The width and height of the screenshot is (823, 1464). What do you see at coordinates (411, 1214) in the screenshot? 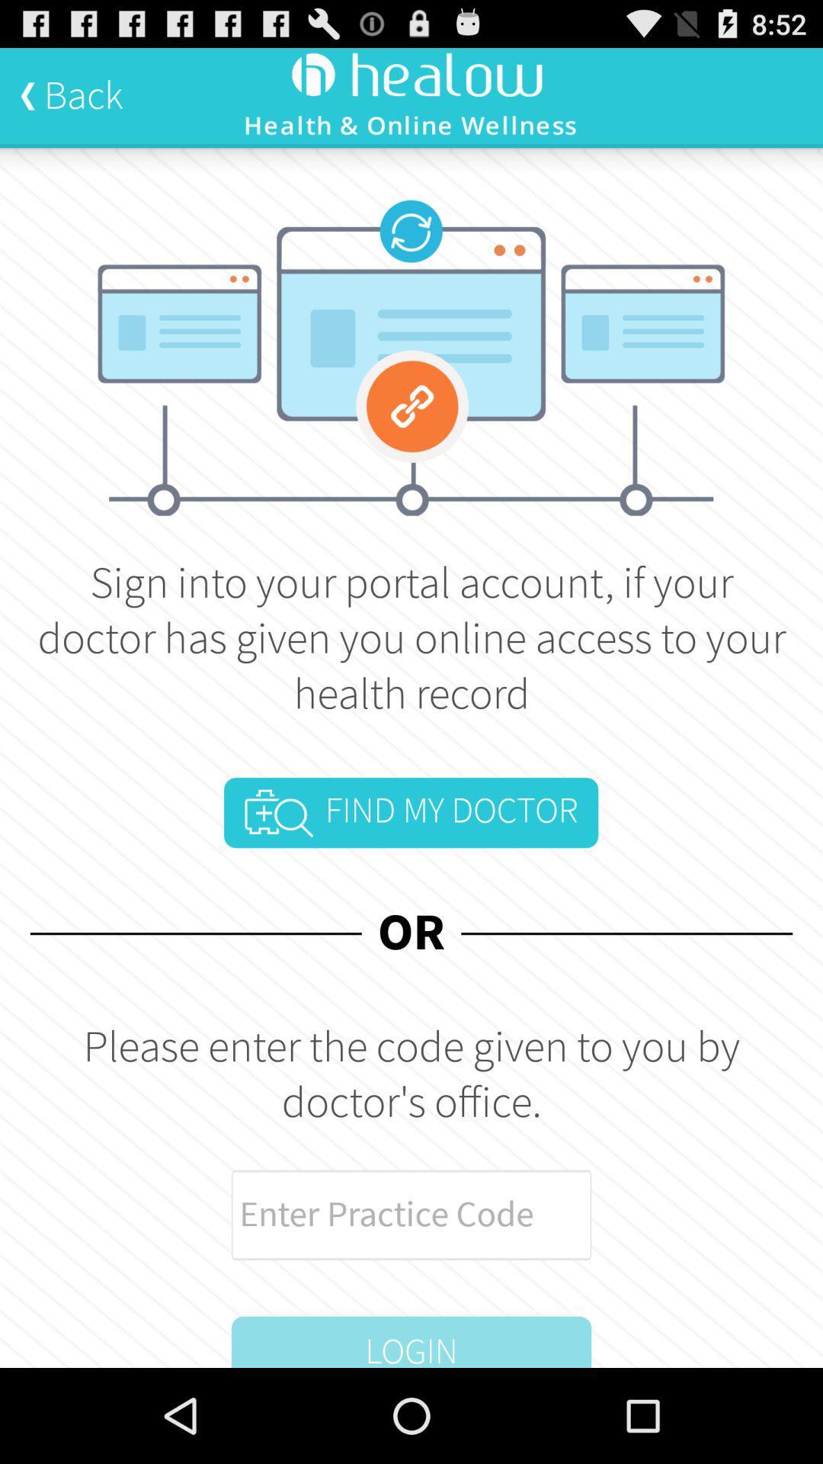
I see `practice code` at bounding box center [411, 1214].